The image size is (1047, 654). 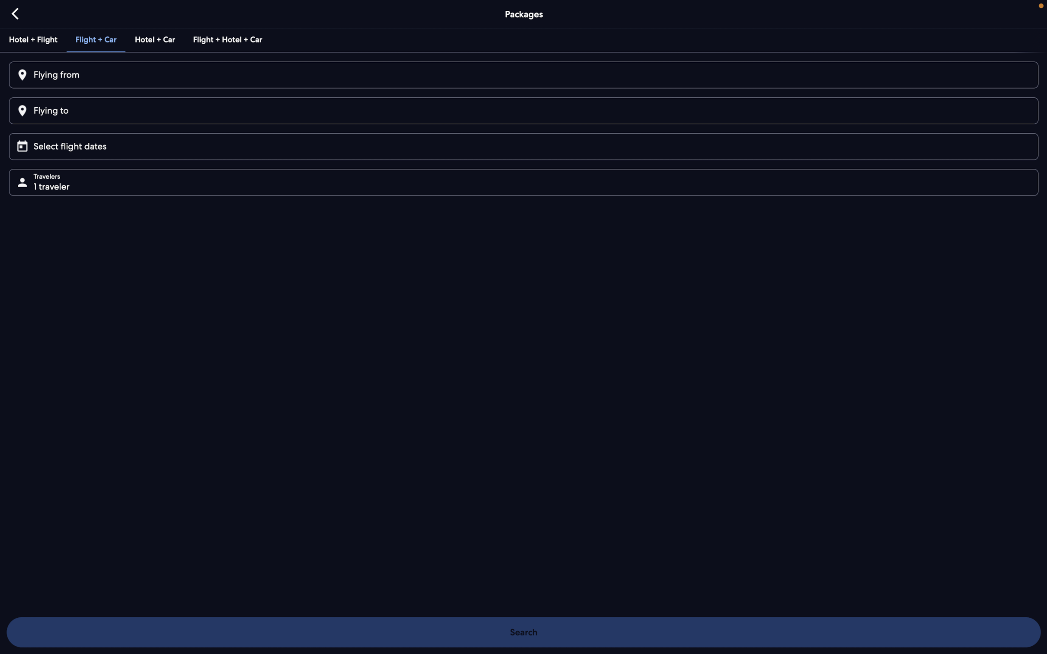 What do you see at coordinates (522, 75) in the screenshot?
I see `Enter the departure as "Bangalore"` at bounding box center [522, 75].